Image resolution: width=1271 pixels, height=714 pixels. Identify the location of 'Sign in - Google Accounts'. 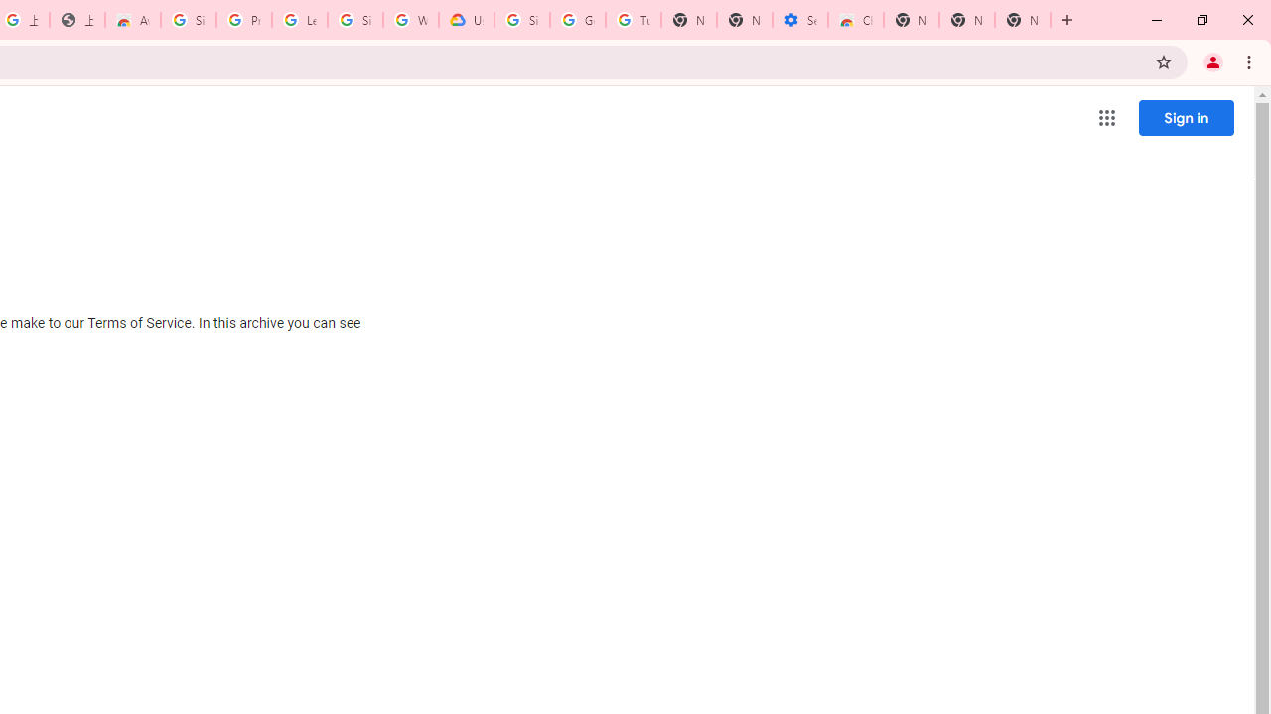
(189, 20).